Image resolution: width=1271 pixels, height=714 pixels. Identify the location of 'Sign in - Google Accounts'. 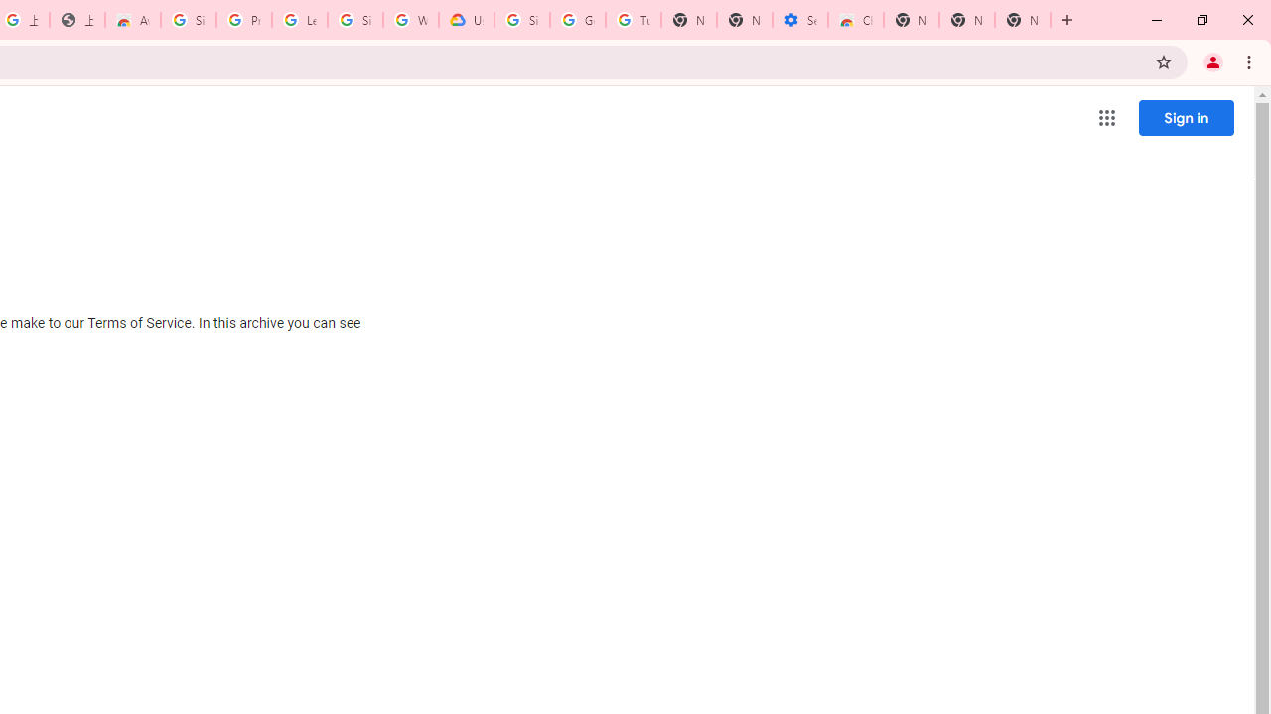
(189, 20).